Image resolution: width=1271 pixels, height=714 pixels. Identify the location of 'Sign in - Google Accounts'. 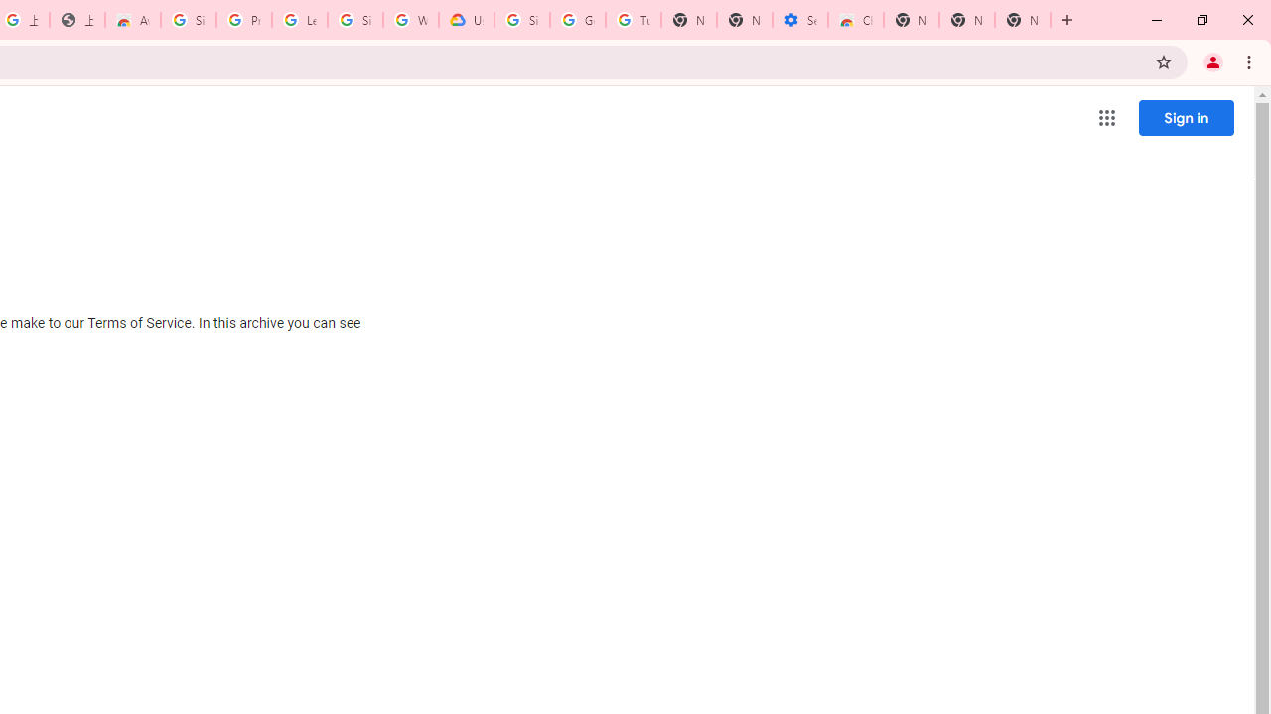
(189, 20).